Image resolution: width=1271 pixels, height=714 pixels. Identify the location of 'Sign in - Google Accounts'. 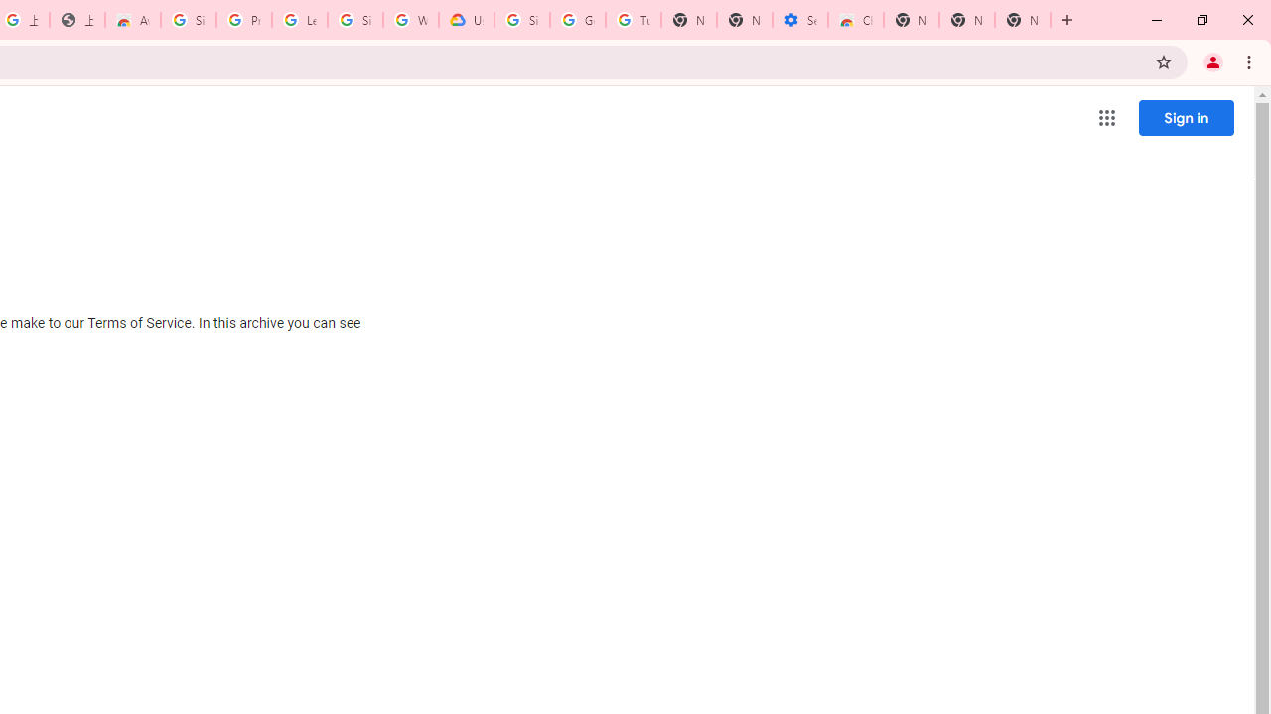
(189, 20).